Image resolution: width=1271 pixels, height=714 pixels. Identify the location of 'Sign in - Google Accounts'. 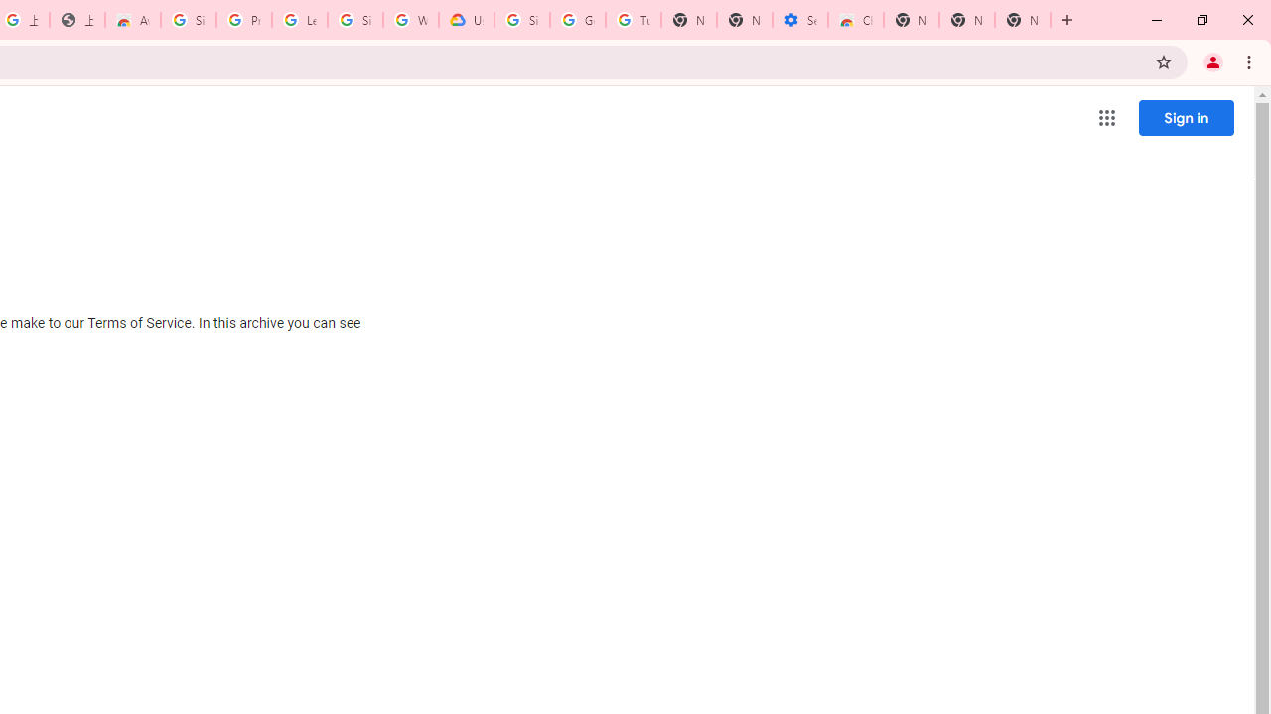
(189, 20).